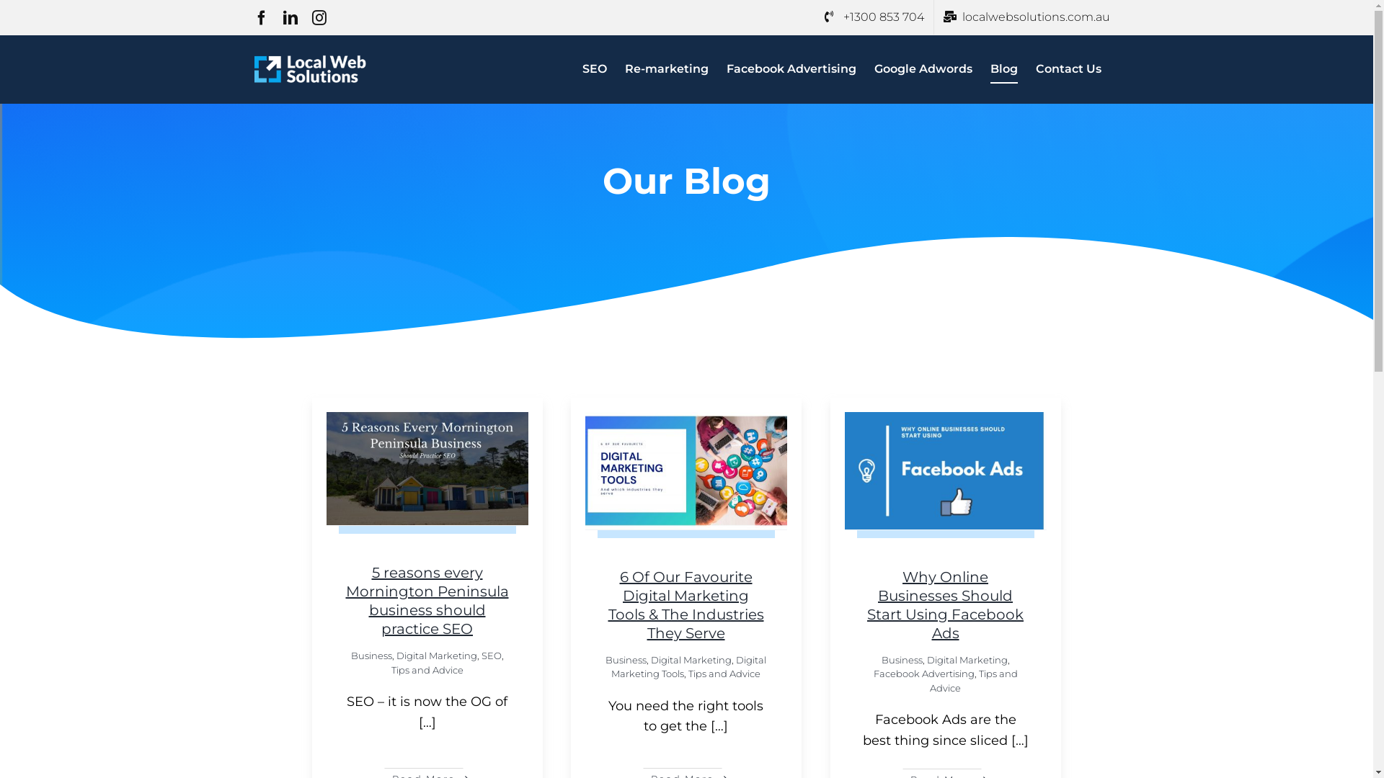 This screenshot has height=778, width=1384. Describe the element at coordinates (317, 17) in the screenshot. I see `'Instagram'` at that location.